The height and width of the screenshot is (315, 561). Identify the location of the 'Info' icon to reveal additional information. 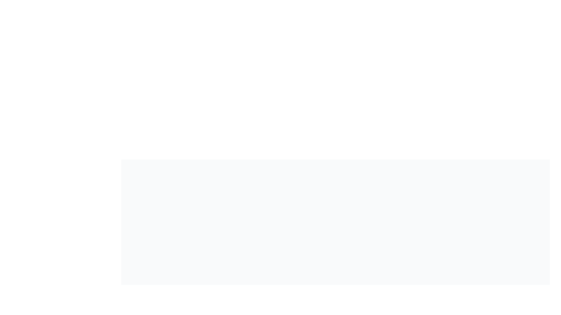
(298, 298).